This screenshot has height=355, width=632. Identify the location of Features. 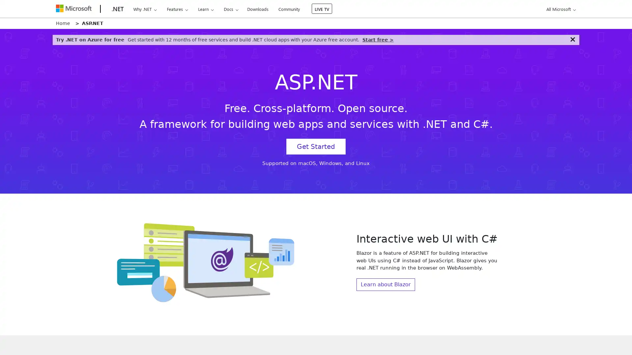
(177, 9).